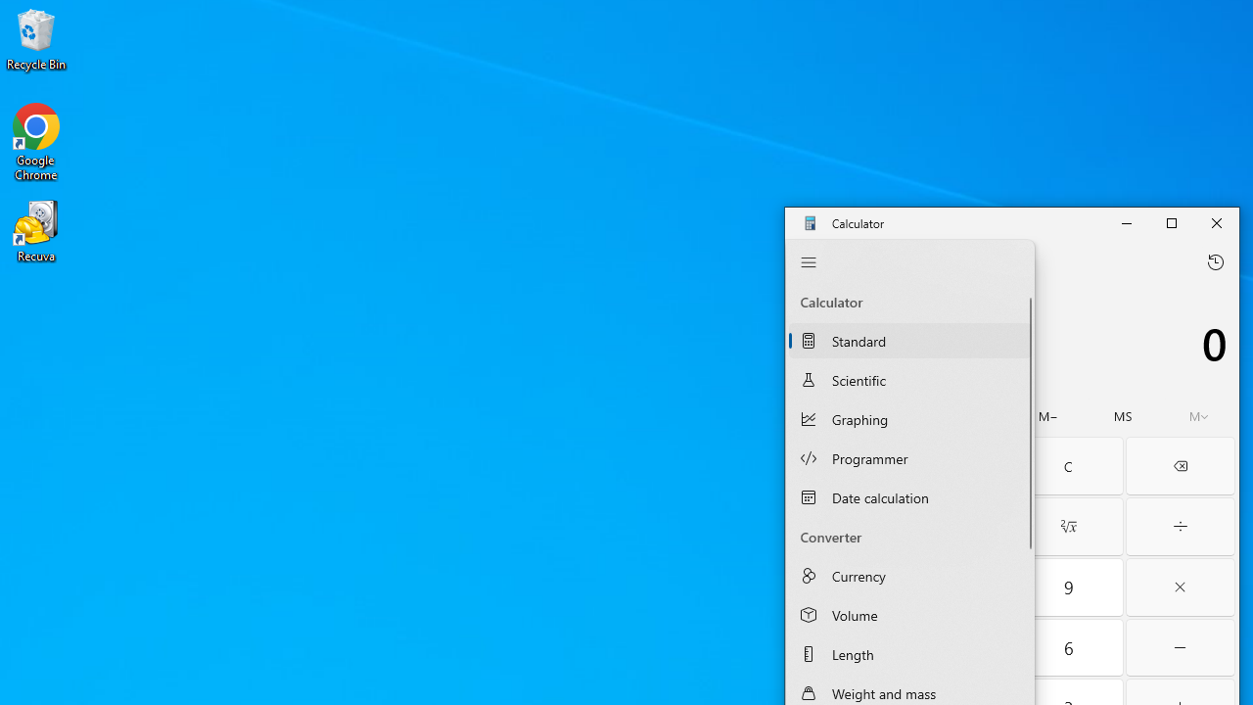 The width and height of the screenshot is (1253, 705). Describe the element at coordinates (908, 417) in the screenshot. I see `'Graphing Calculator'` at that location.